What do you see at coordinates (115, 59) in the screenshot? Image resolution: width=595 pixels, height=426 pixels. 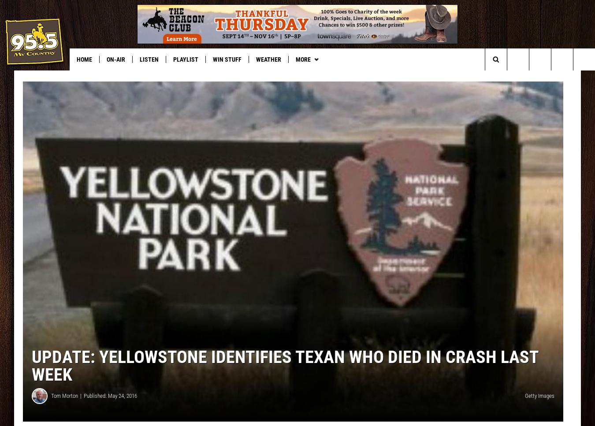 I see `'On-Air'` at bounding box center [115, 59].